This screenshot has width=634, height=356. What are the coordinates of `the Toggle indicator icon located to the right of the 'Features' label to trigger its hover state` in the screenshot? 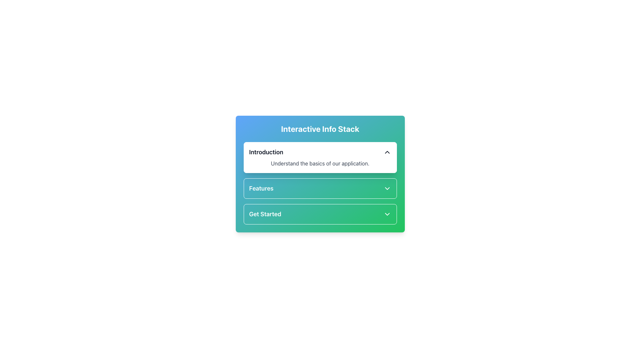 It's located at (387, 188).